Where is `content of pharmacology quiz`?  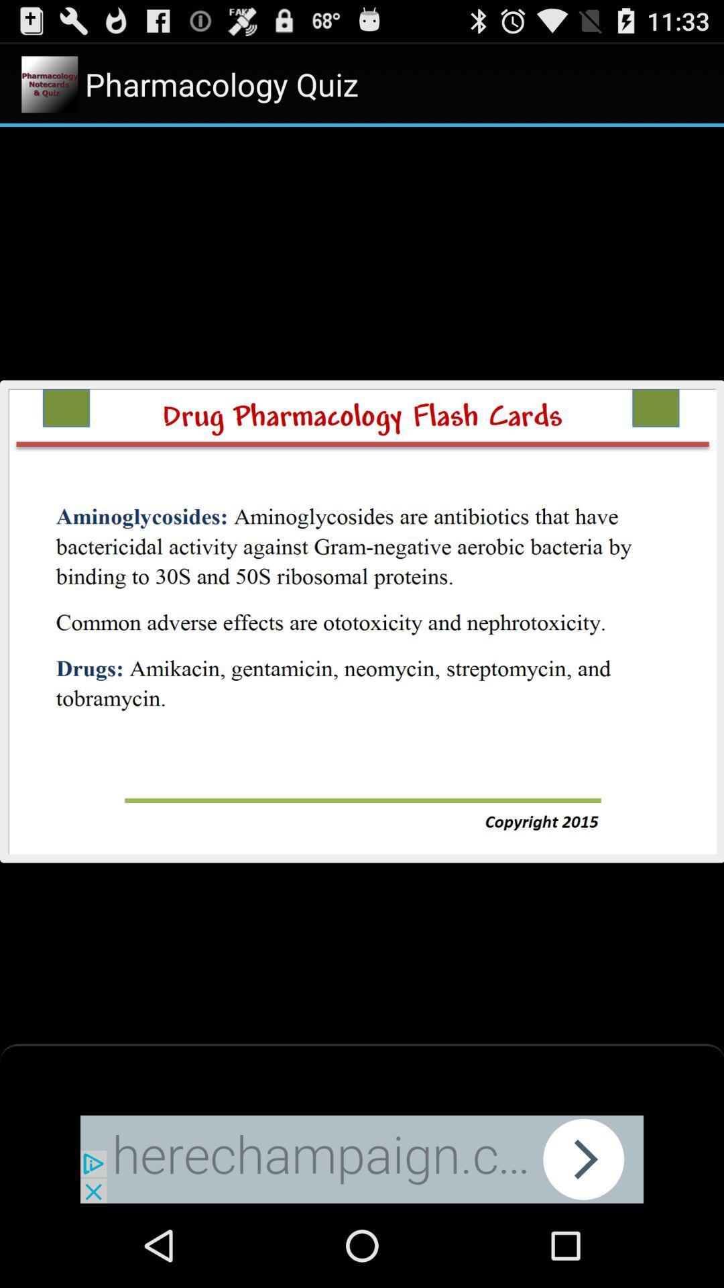 content of pharmacology quiz is located at coordinates (362, 620).